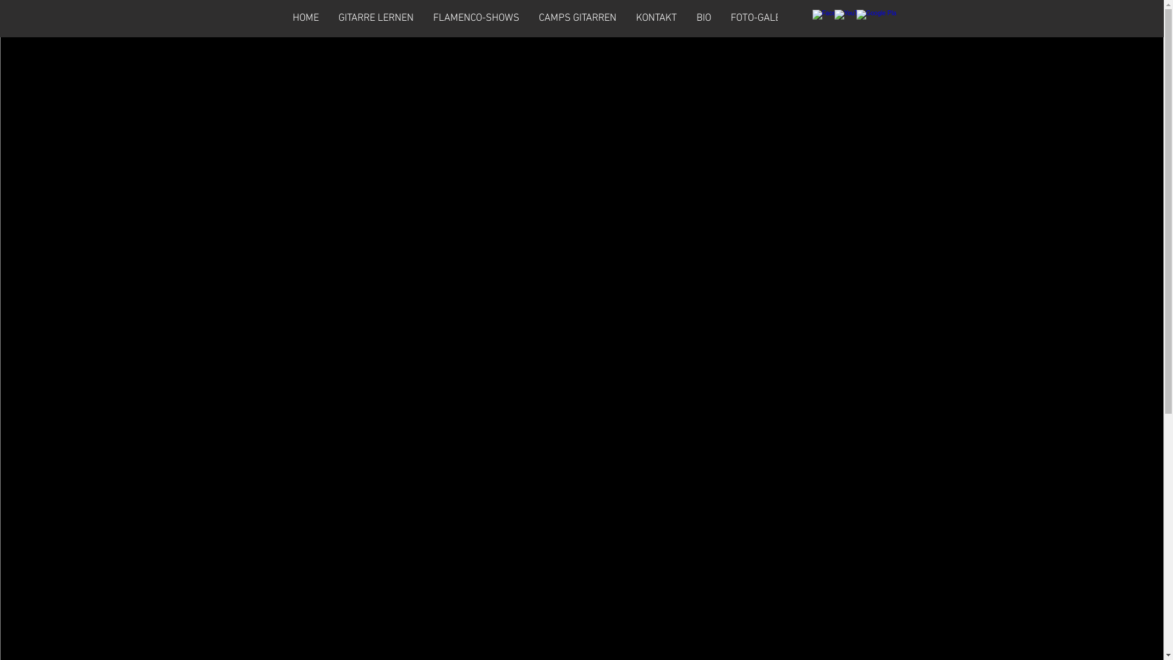 The height and width of the screenshot is (660, 1173). I want to click on 'GITARRE LERNEN', so click(375, 19).